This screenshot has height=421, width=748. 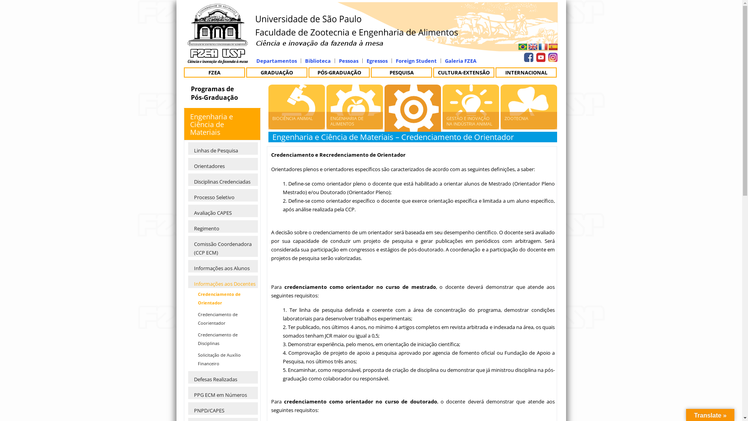 I want to click on 'INTERNACIONAL', so click(x=526, y=72).